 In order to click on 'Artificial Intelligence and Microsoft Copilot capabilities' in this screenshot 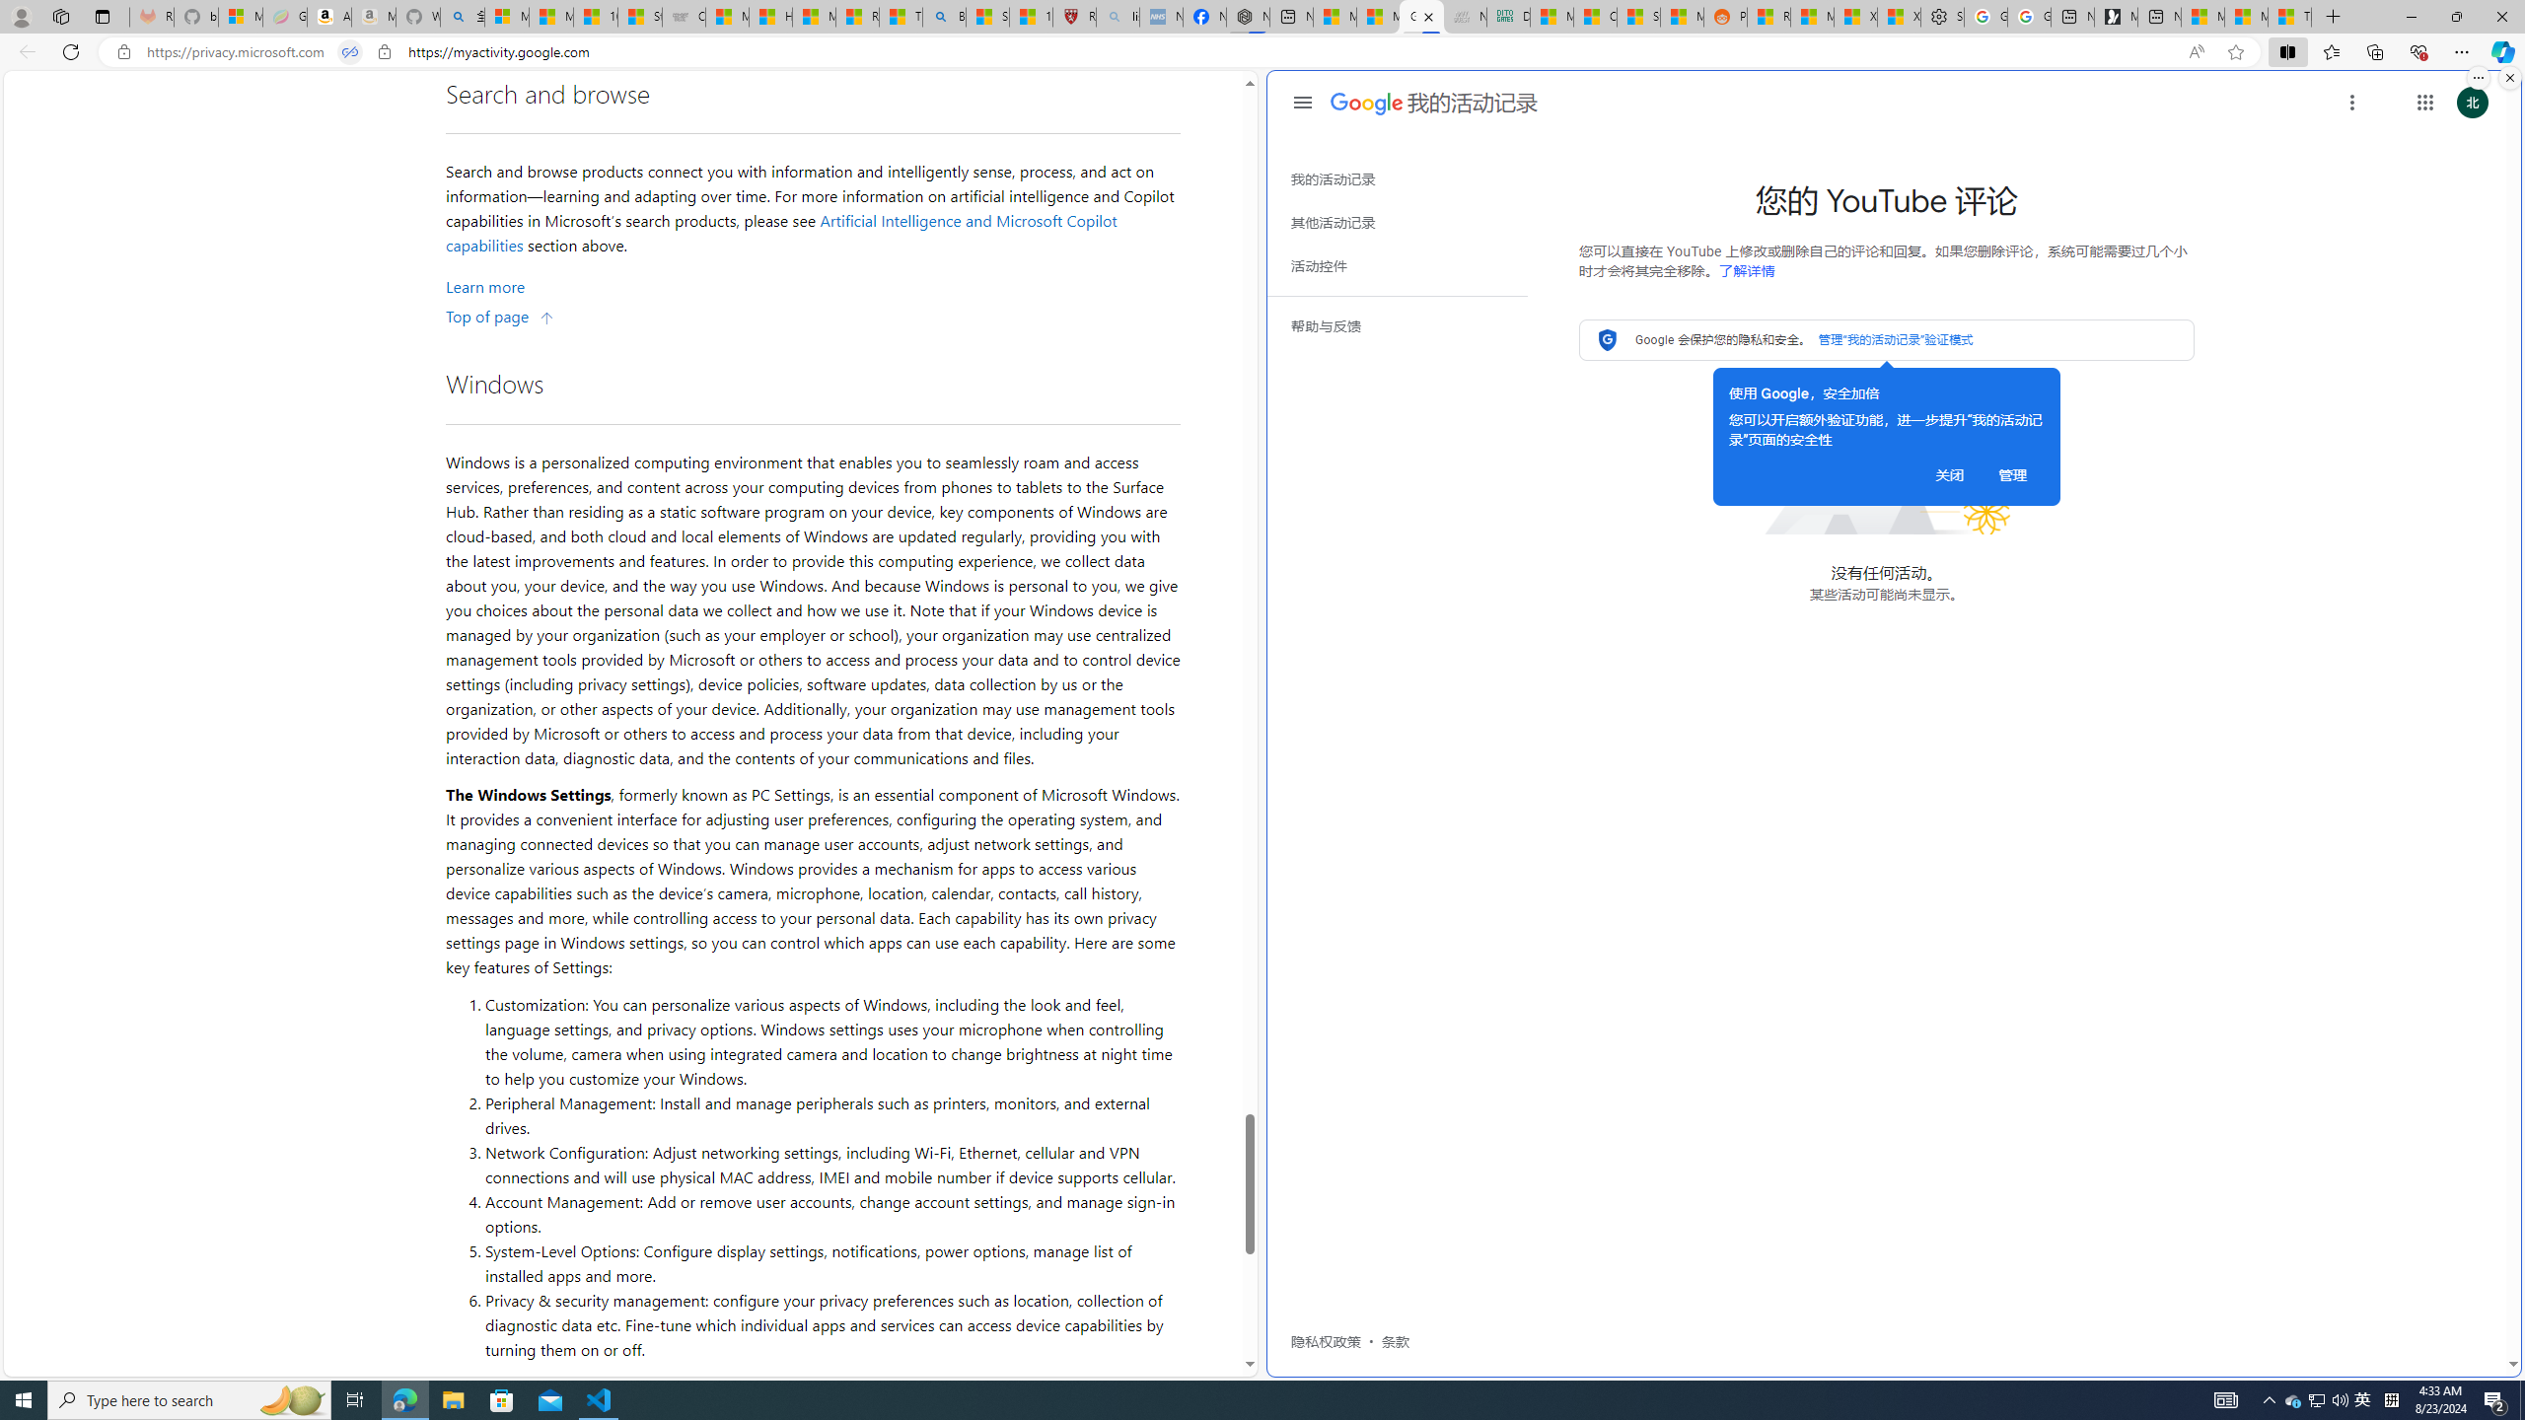, I will do `click(781, 231)`.